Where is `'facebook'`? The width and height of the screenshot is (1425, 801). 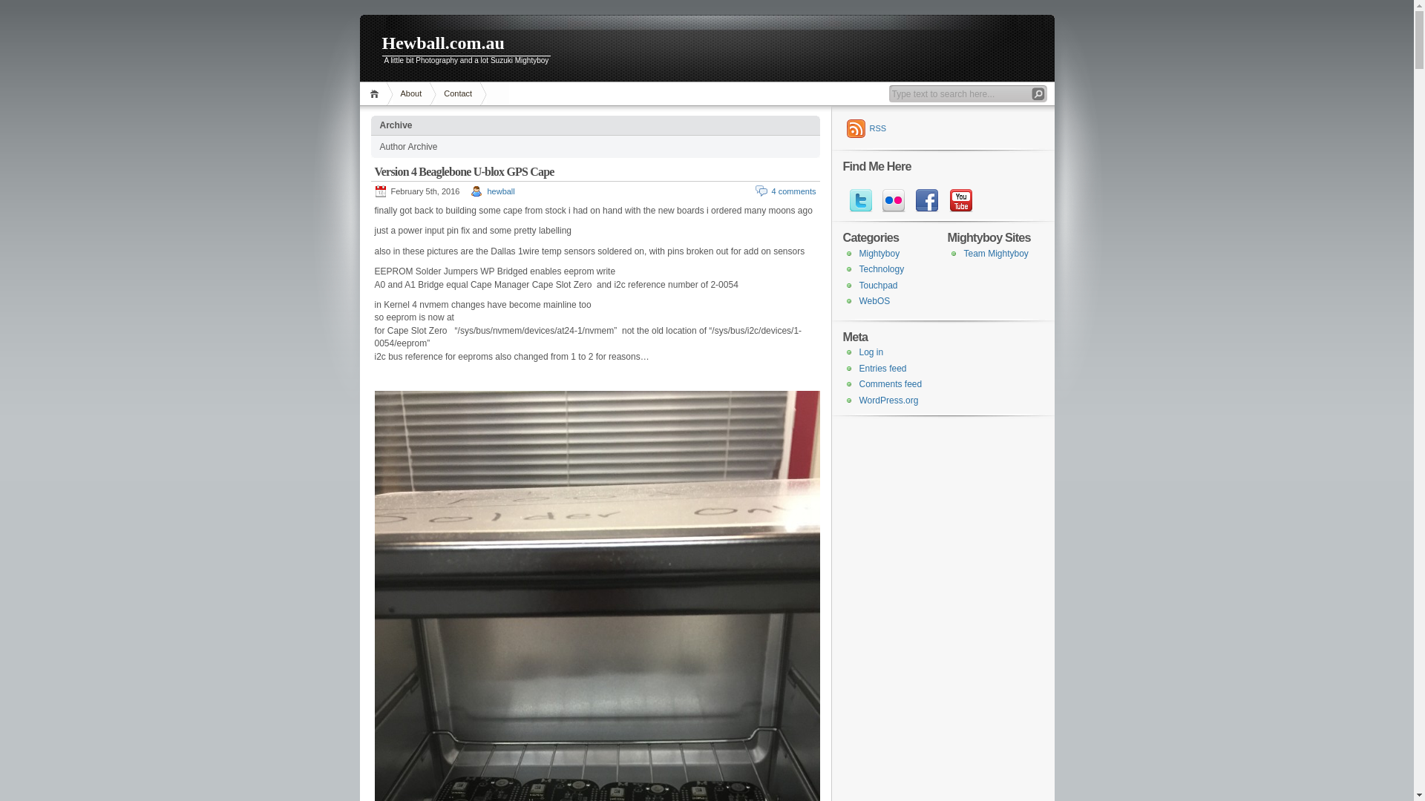 'facebook' is located at coordinates (908, 200).